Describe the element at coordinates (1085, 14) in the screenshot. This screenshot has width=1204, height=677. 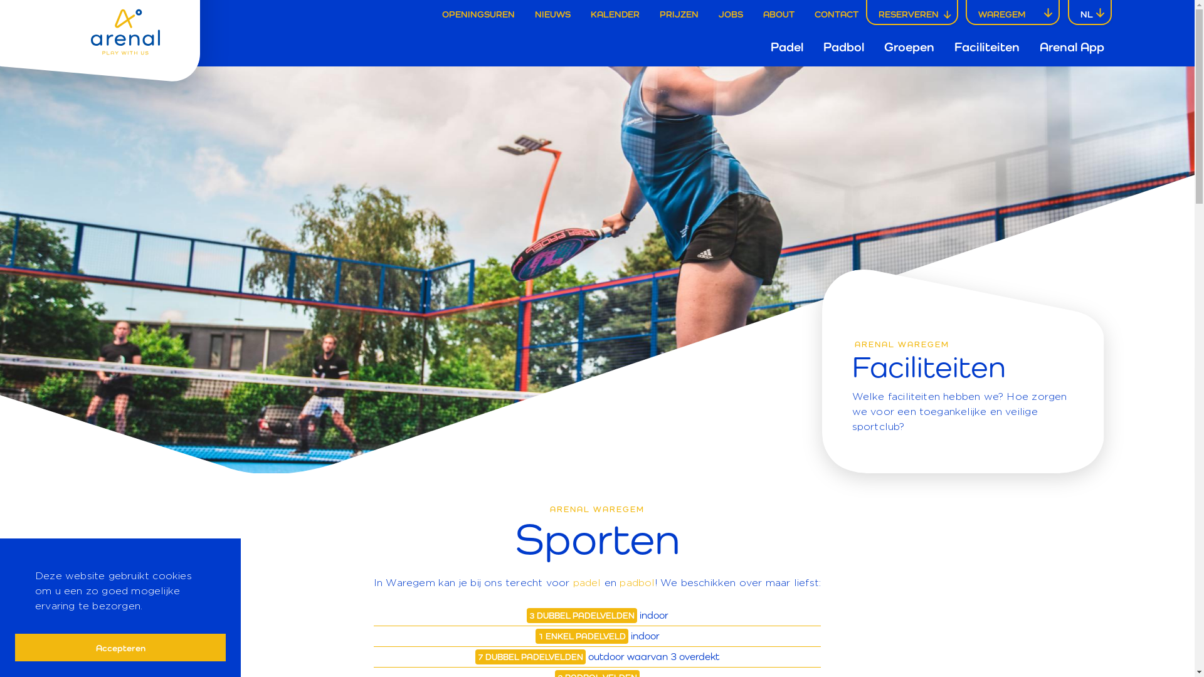
I see `'NL'` at that location.